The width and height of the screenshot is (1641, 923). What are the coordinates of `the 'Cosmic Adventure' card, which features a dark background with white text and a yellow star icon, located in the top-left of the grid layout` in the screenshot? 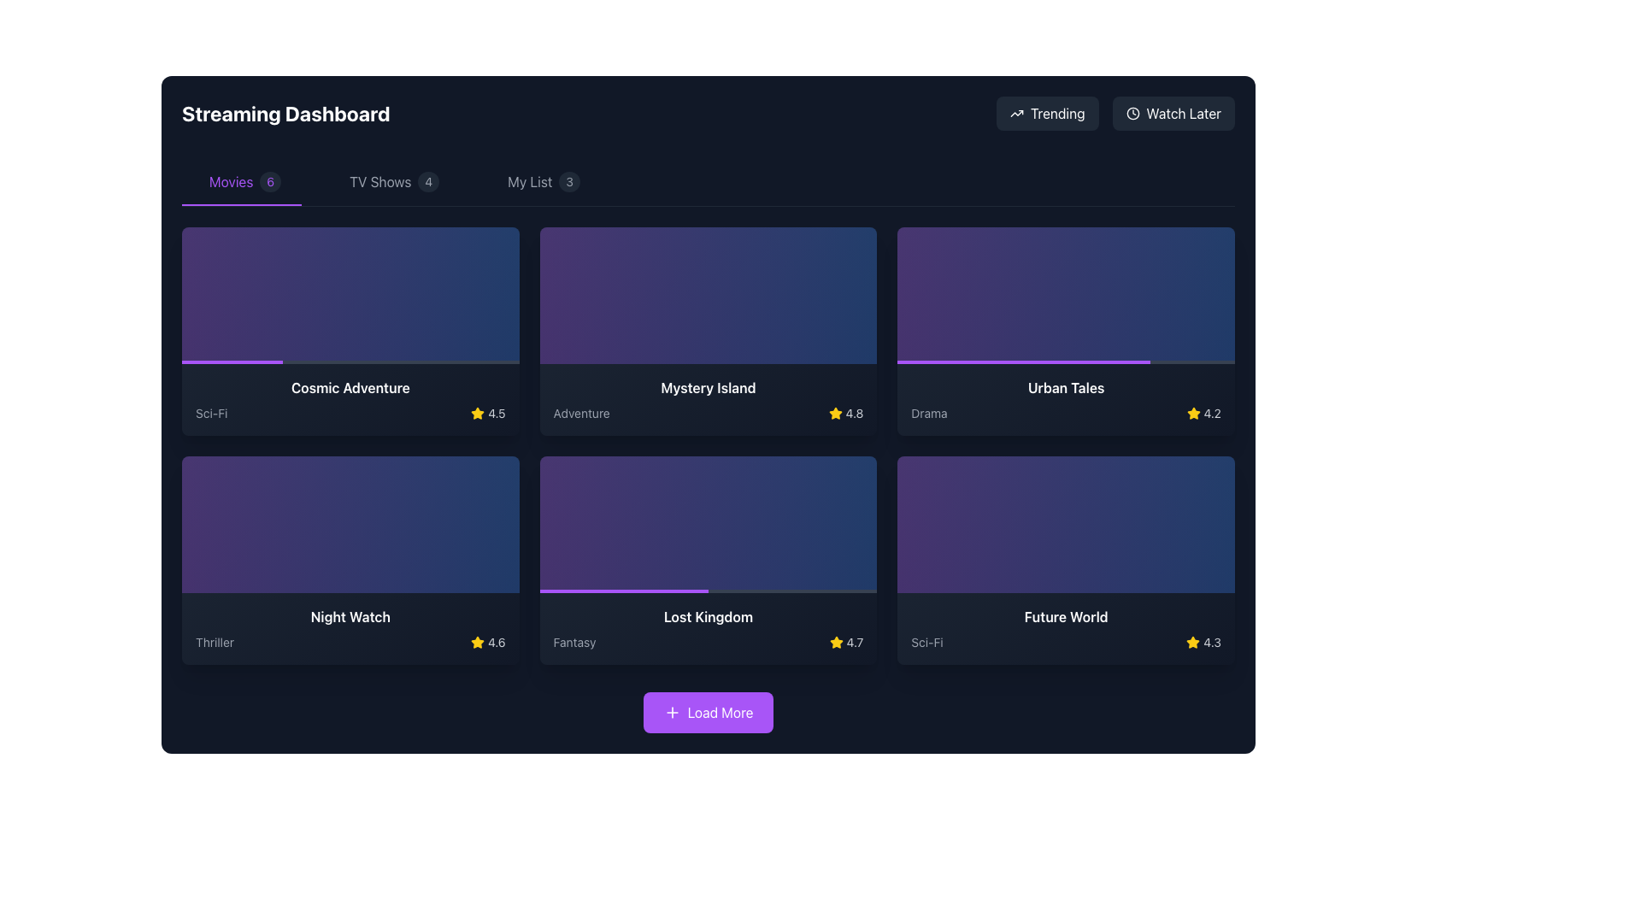 It's located at (350, 399).